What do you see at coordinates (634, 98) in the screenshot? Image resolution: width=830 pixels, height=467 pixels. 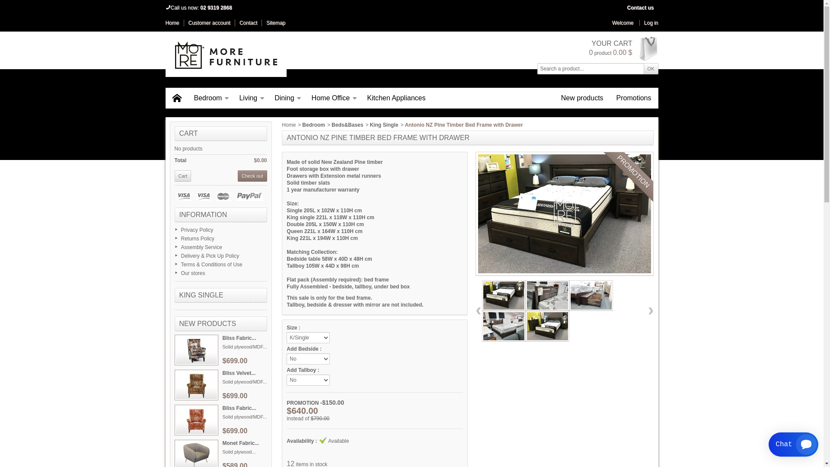 I see `'Promotions'` at bounding box center [634, 98].